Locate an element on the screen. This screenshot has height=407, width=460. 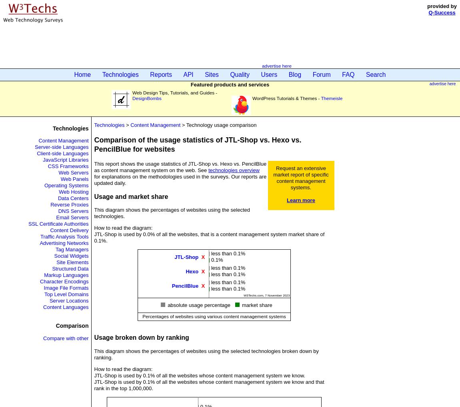
'Request an extensive market report of specific content management systems.' is located at coordinates (300, 177).